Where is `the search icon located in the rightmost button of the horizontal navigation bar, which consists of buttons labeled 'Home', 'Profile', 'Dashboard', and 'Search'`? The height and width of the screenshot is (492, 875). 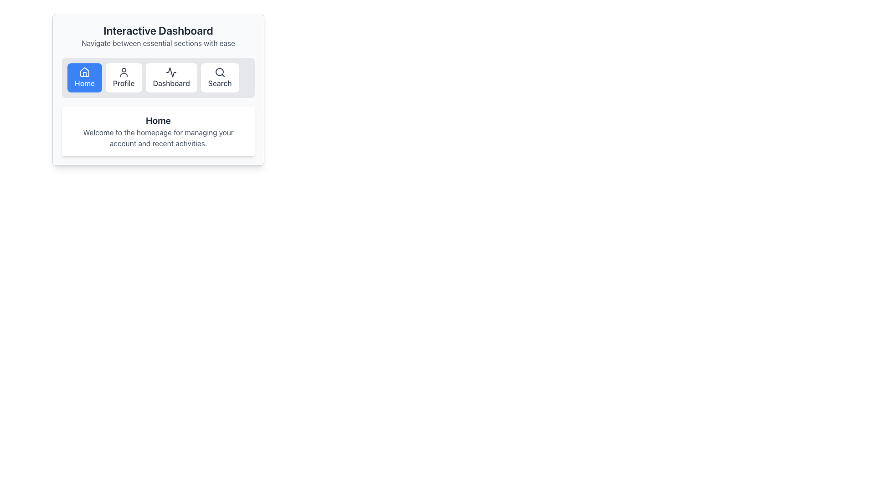 the search icon located in the rightmost button of the horizontal navigation bar, which consists of buttons labeled 'Home', 'Profile', 'Dashboard', and 'Search' is located at coordinates (220, 72).